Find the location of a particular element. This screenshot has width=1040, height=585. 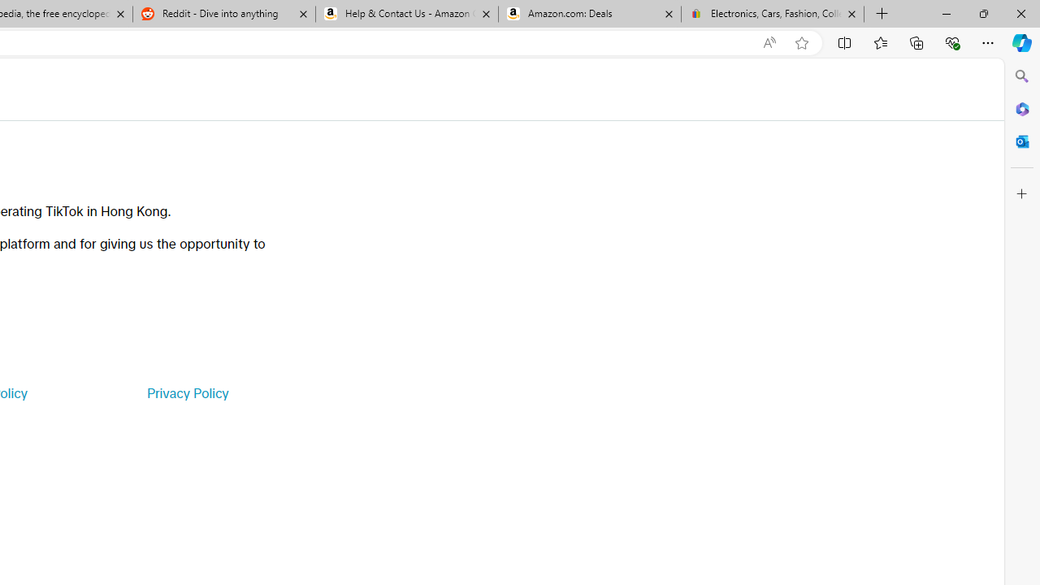

'Customize' is located at coordinates (1021, 193).